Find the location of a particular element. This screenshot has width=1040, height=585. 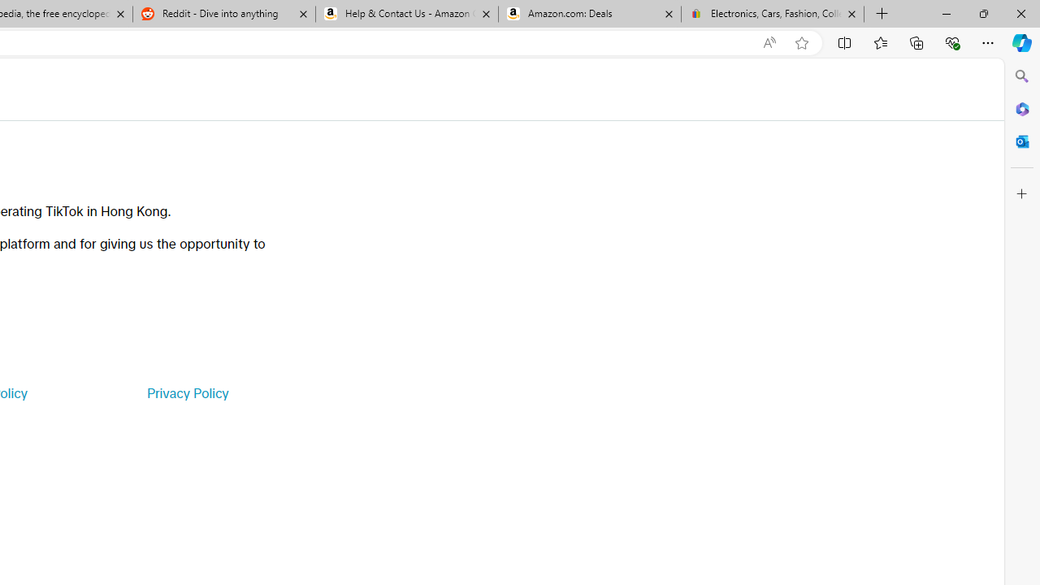

'Customize' is located at coordinates (1021, 193).